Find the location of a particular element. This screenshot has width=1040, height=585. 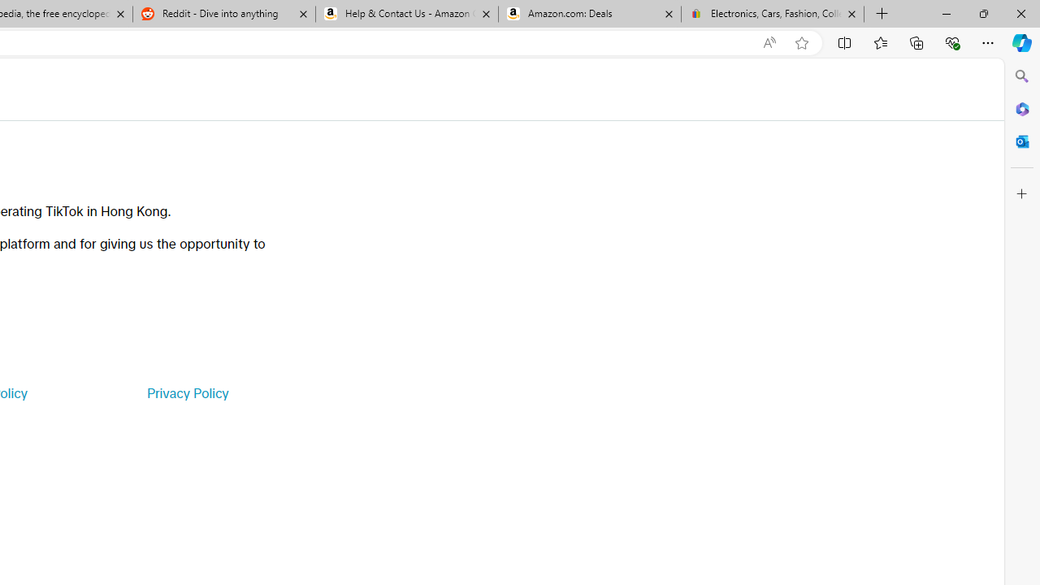

'Customize' is located at coordinates (1021, 193).